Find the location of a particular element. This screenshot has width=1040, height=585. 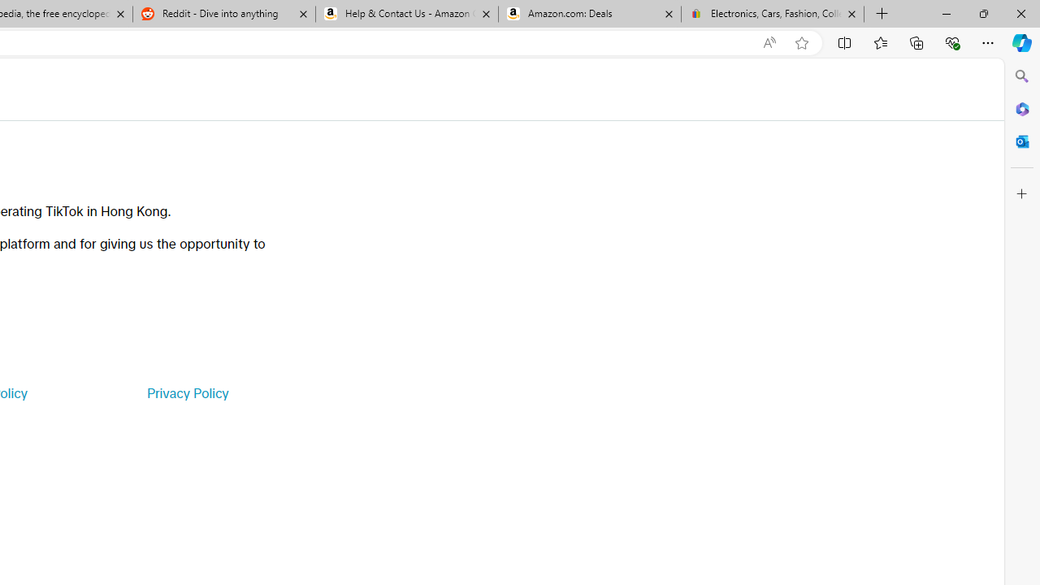

'Customize' is located at coordinates (1021, 193).